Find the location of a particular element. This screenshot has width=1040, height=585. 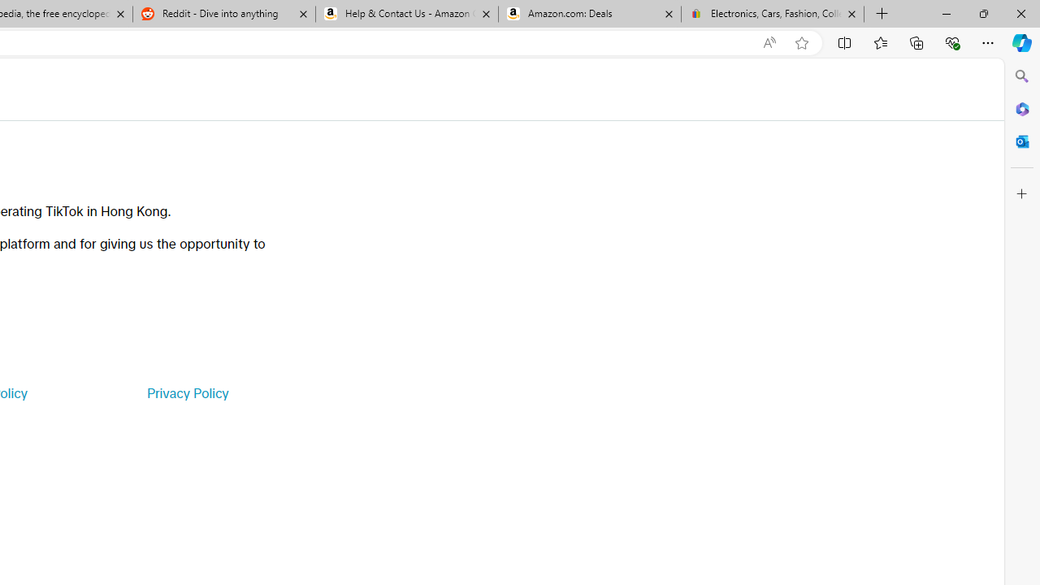

'Customize' is located at coordinates (1021, 193).